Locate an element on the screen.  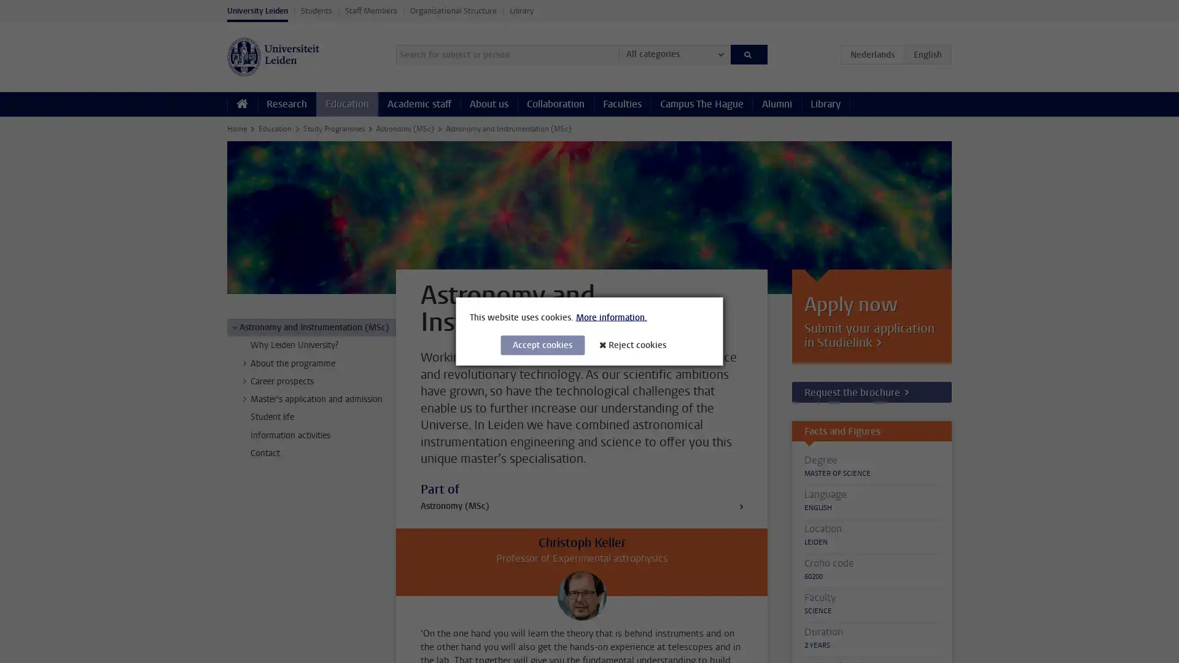
> is located at coordinates (244, 399).